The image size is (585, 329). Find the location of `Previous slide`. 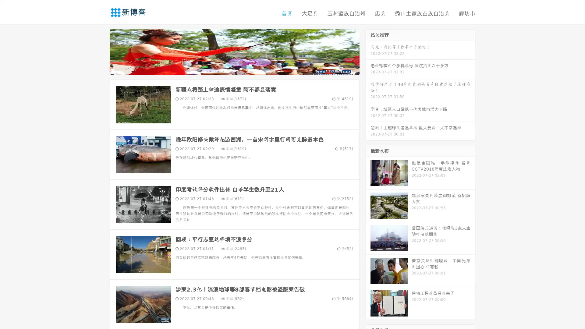

Previous slide is located at coordinates (101, 51).